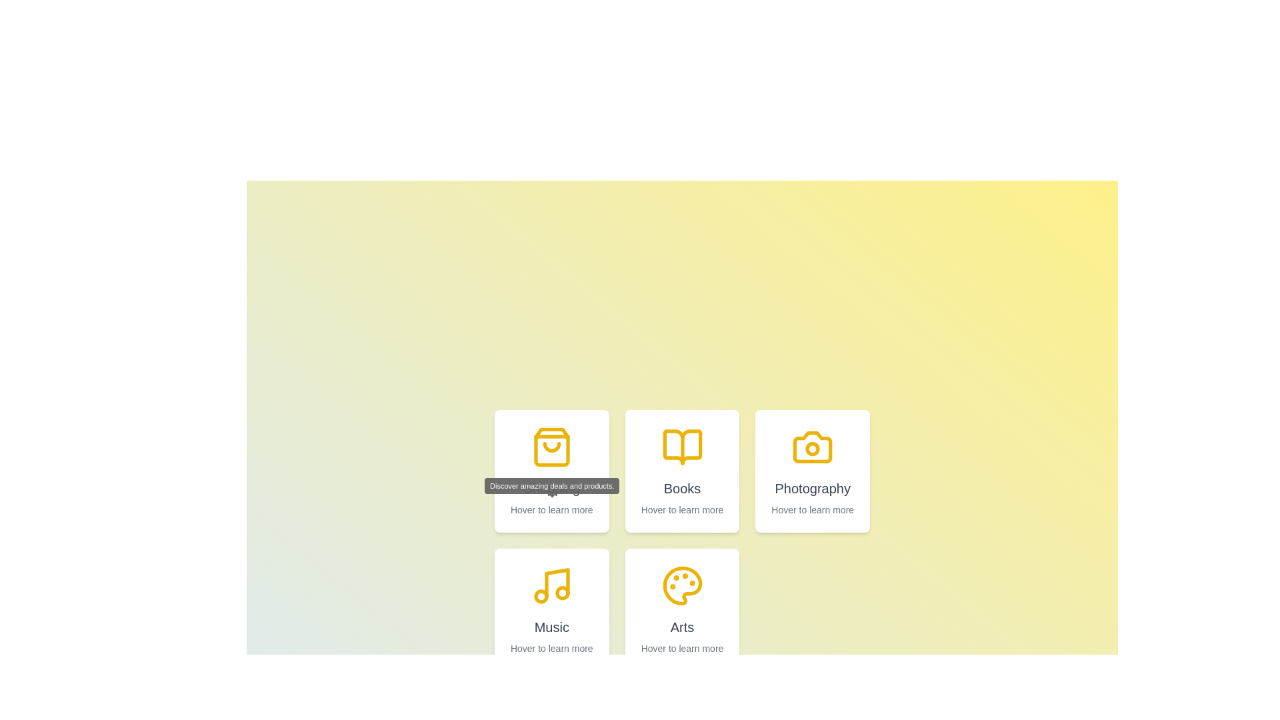 The width and height of the screenshot is (1280, 720). What do you see at coordinates (681, 585) in the screenshot?
I see `the 'Arts' icon located in the lower right corner of the grid layout` at bounding box center [681, 585].